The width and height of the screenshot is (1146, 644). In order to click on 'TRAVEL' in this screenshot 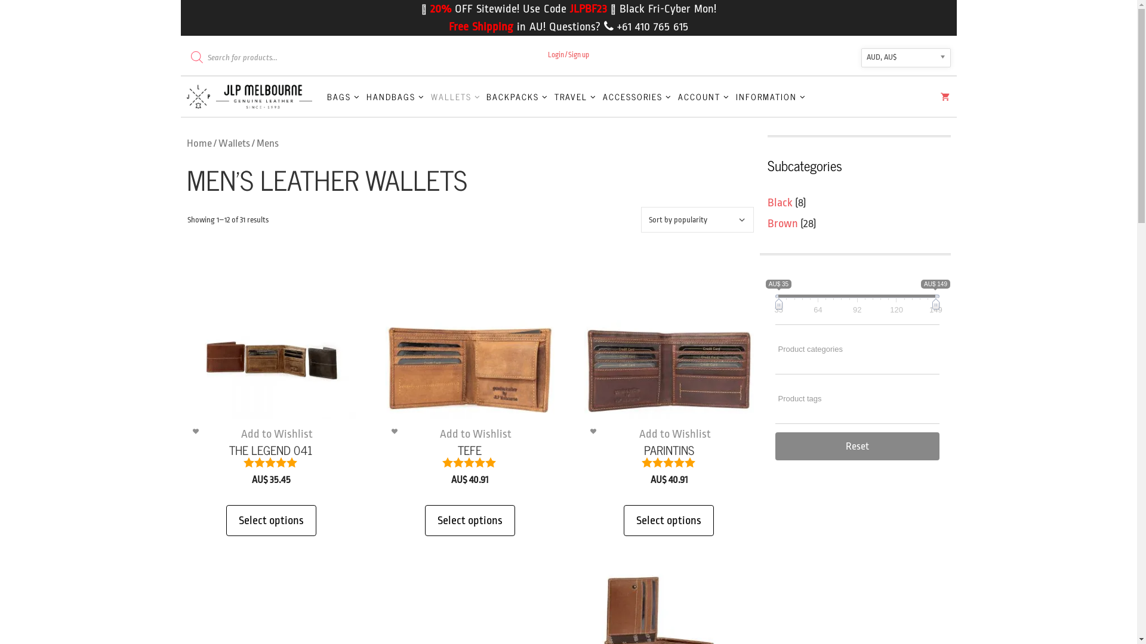, I will do `click(575, 96)`.